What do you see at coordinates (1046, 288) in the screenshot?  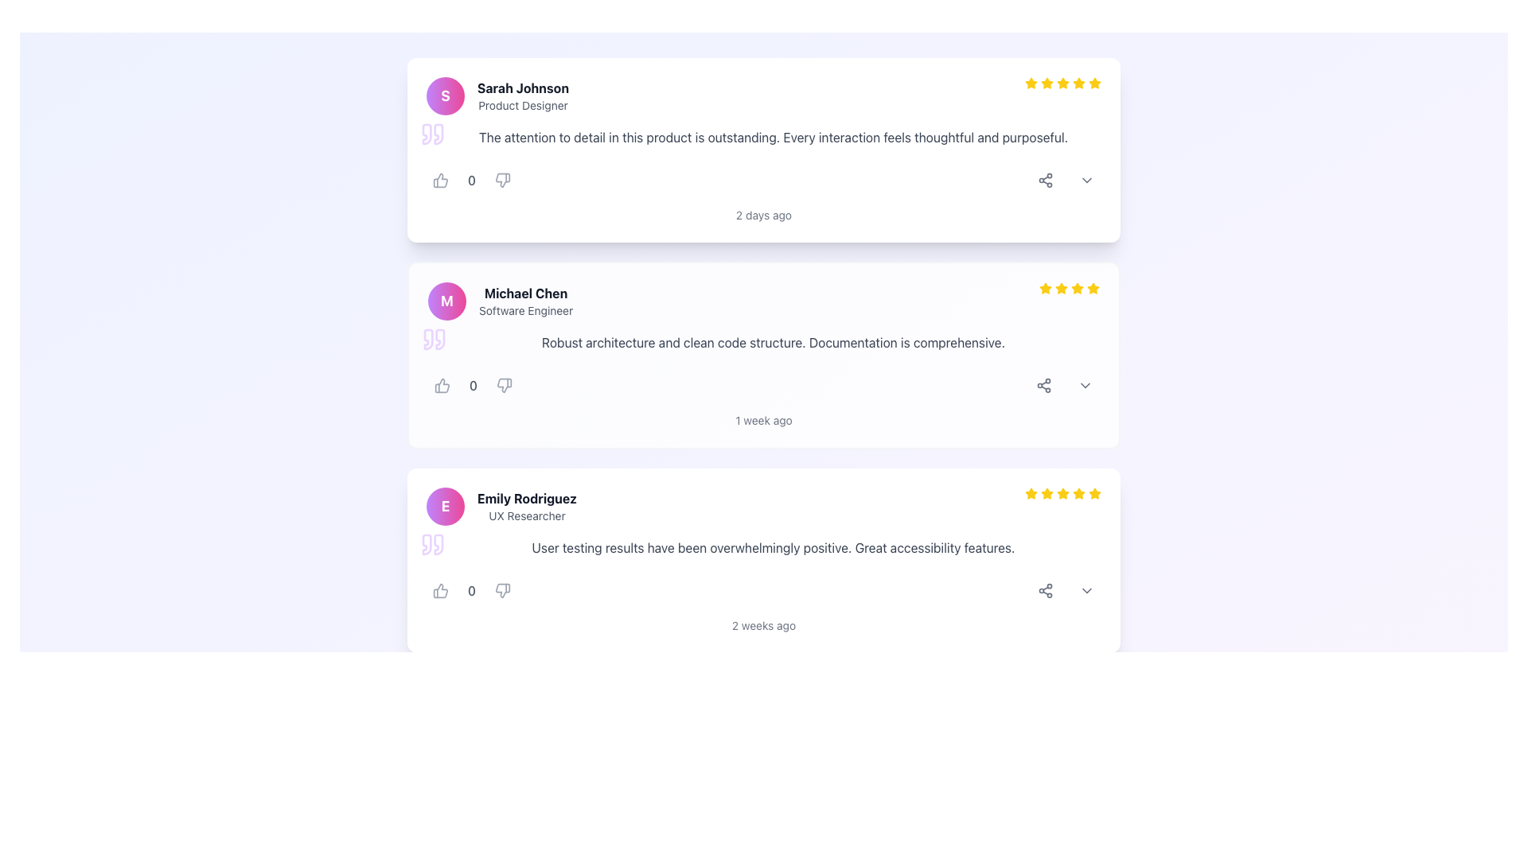 I see `the second star icon in the rating component, which is yellow and part of a five-star group` at bounding box center [1046, 288].